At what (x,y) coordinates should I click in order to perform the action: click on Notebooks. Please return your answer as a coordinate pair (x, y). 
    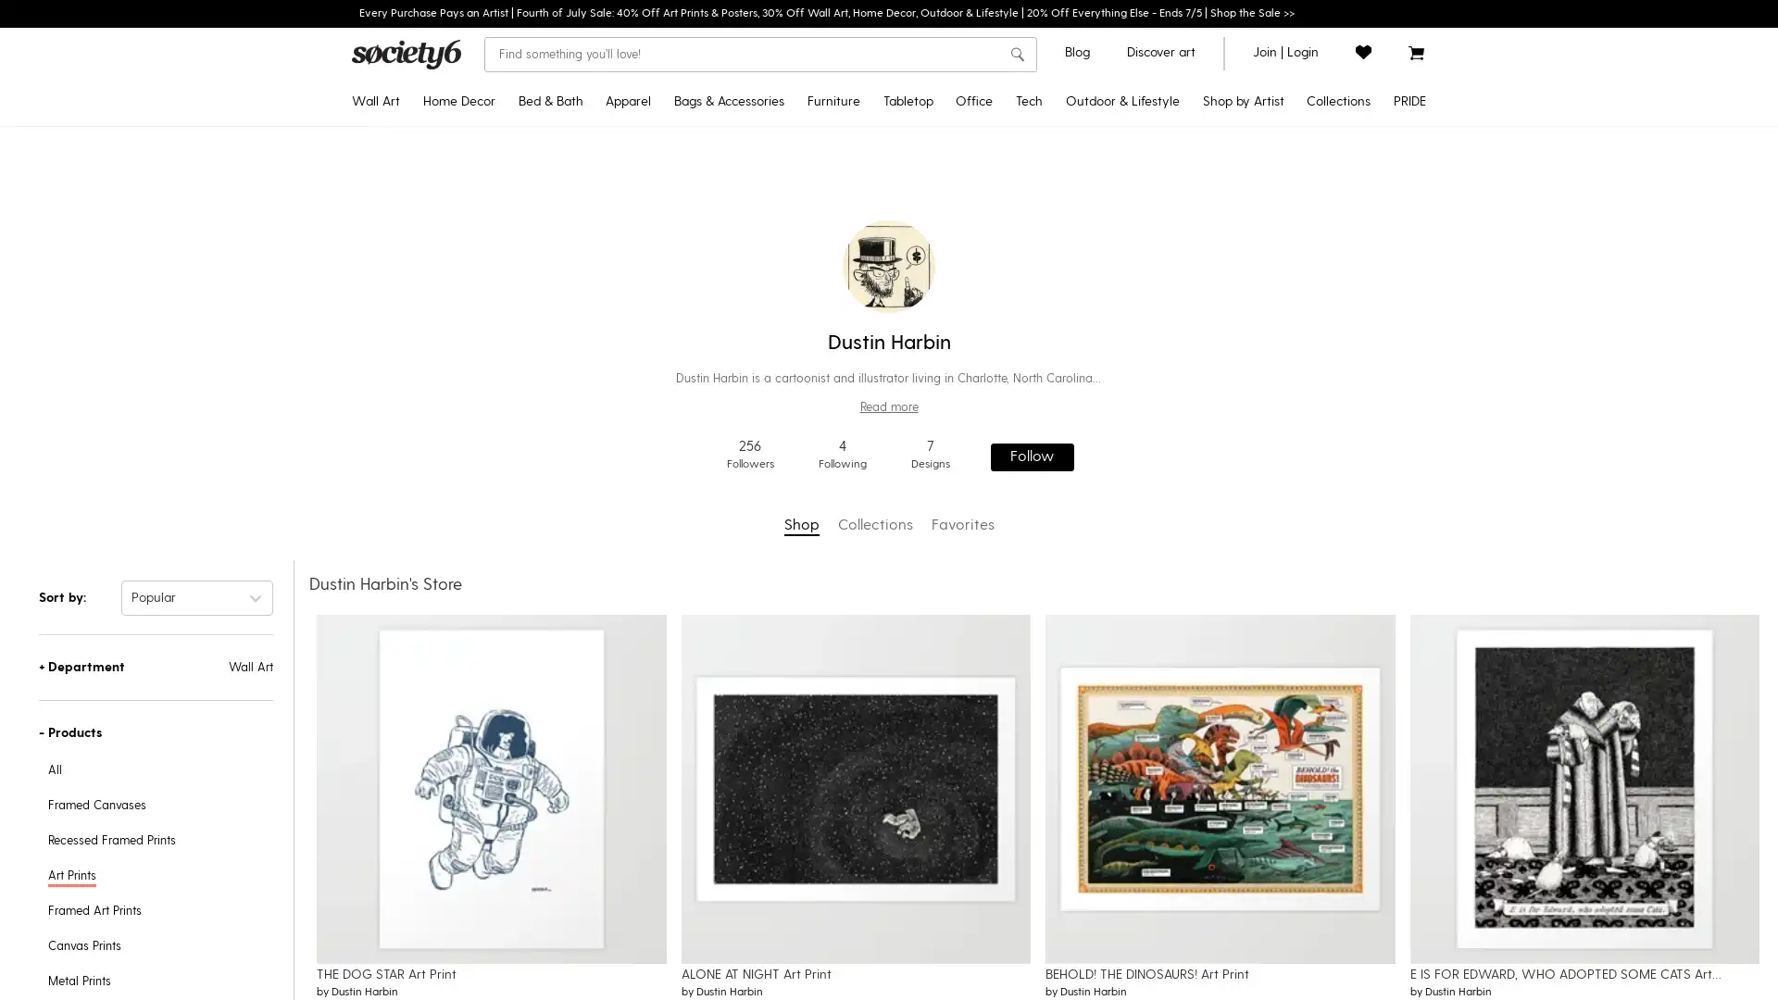
    Looking at the image, I should click on (1020, 208).